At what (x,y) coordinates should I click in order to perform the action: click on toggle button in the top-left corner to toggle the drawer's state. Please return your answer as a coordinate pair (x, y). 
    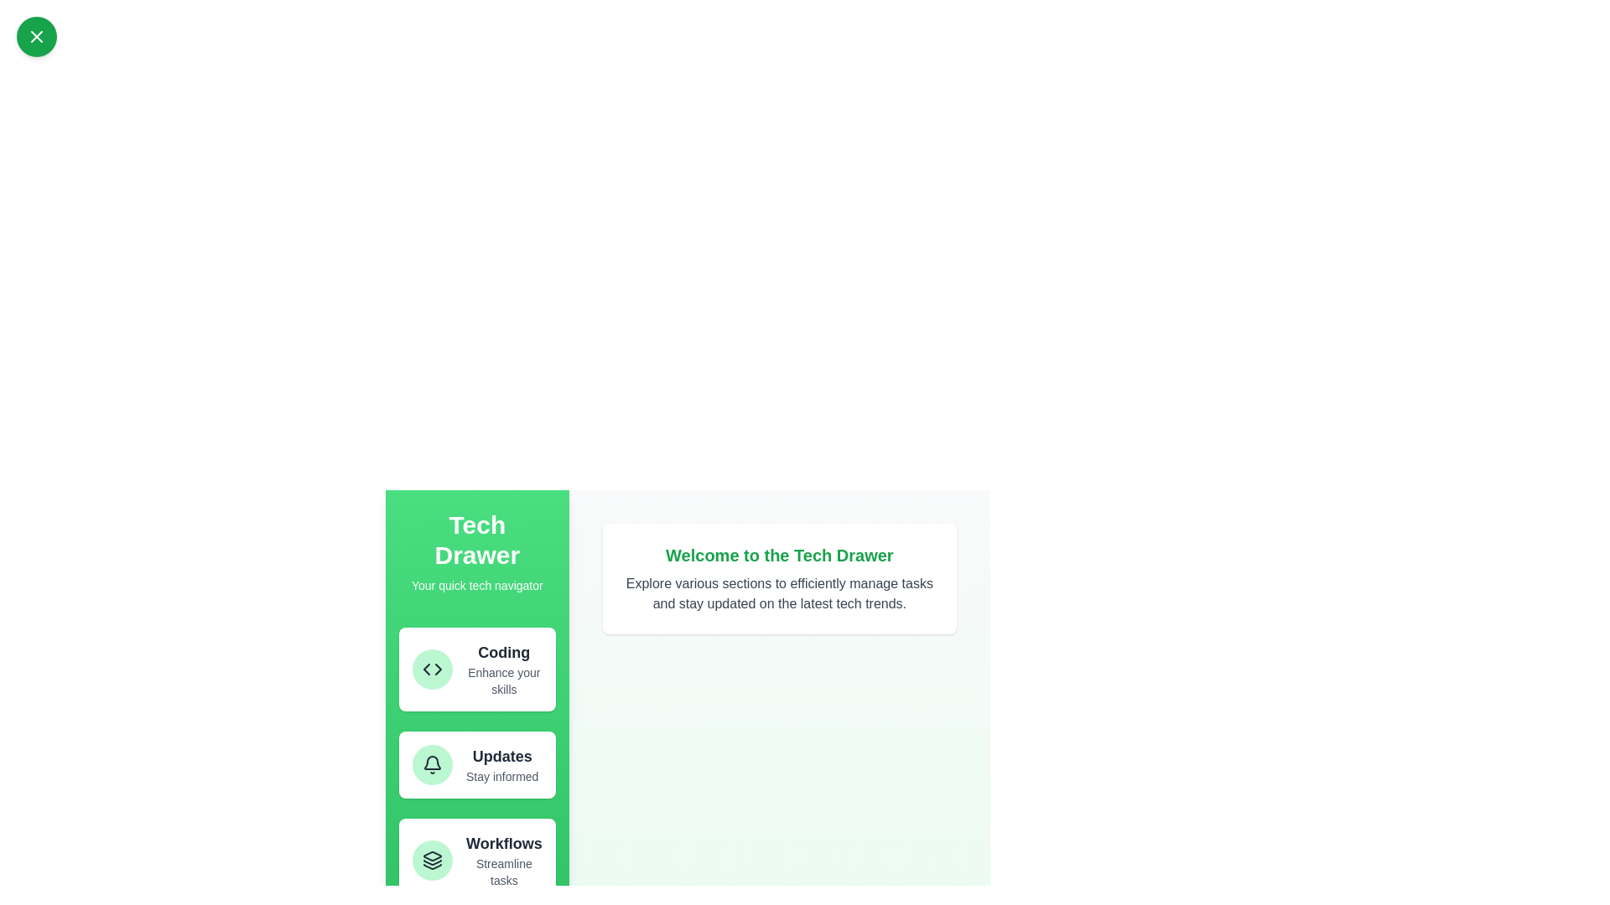
    Looking at the image, I should click on (36, 36).